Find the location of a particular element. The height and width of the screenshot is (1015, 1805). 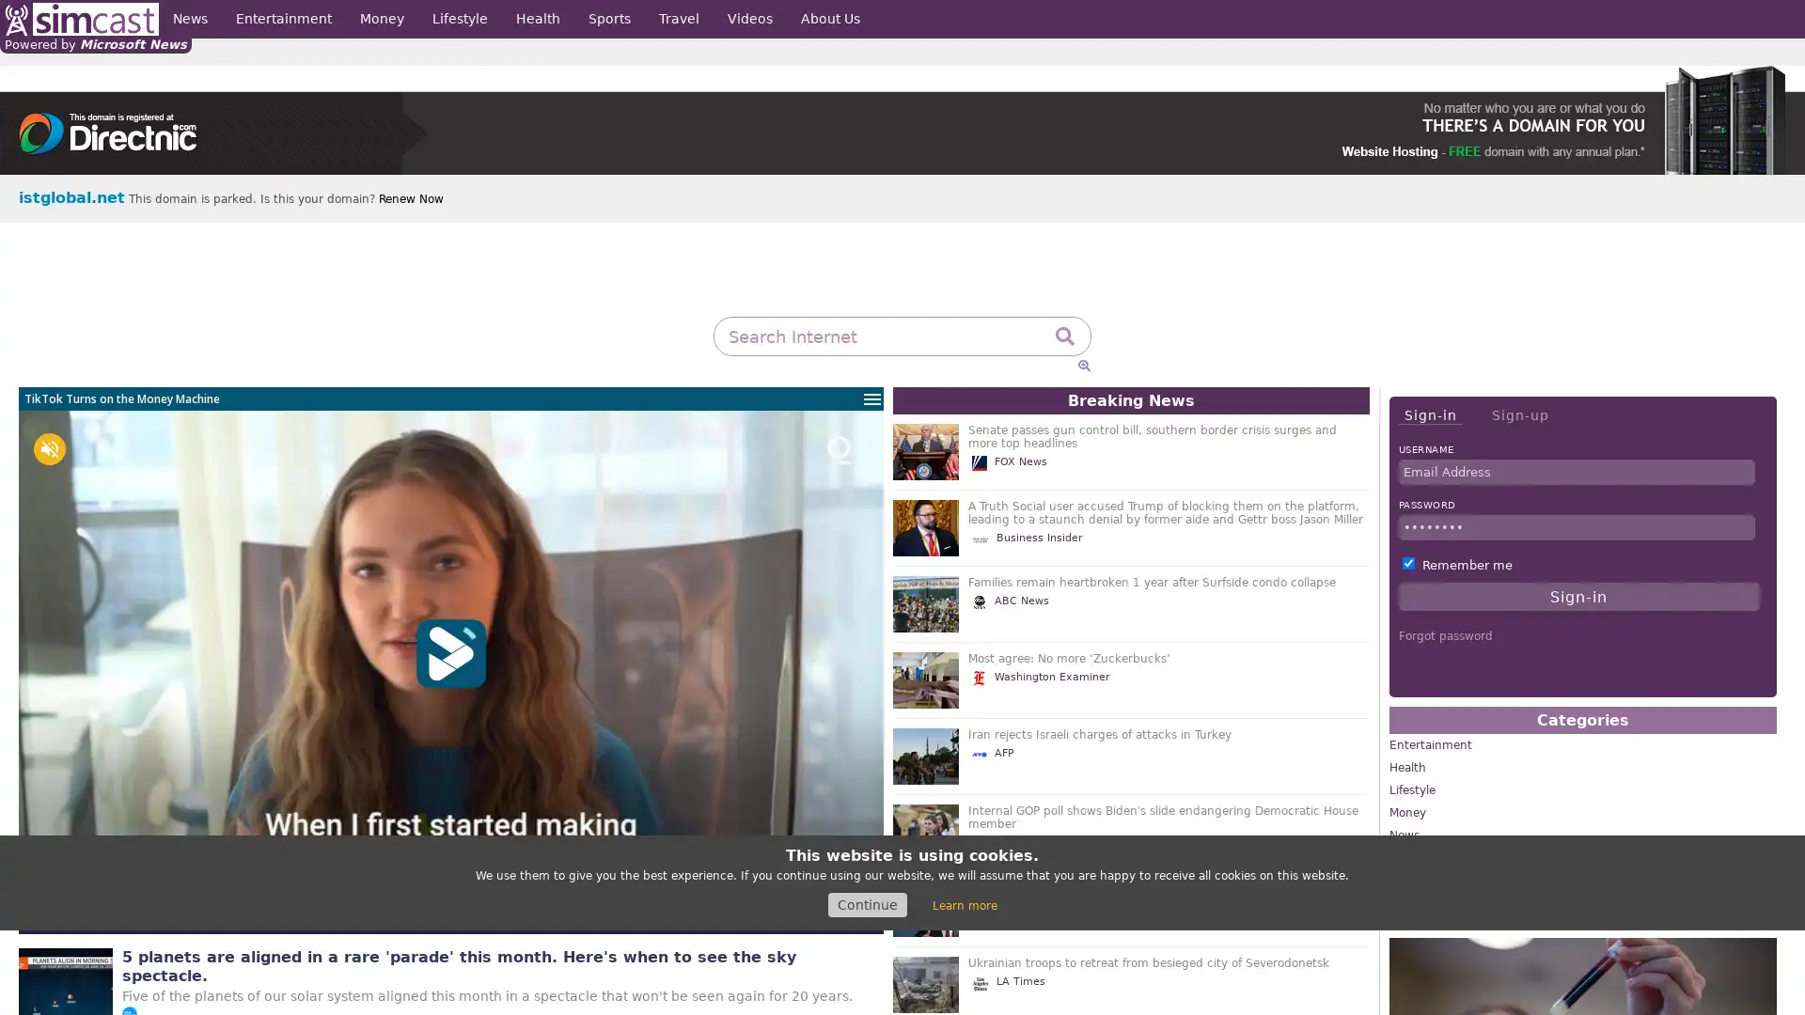

Sign-in is located at coordinates (1578, 597).